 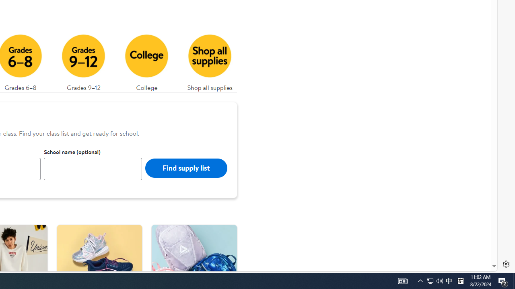 What do you see at coordinates (210, 60) in the screenshot?
I see `'Shop all supplies'` at bounding box center [210, 60].